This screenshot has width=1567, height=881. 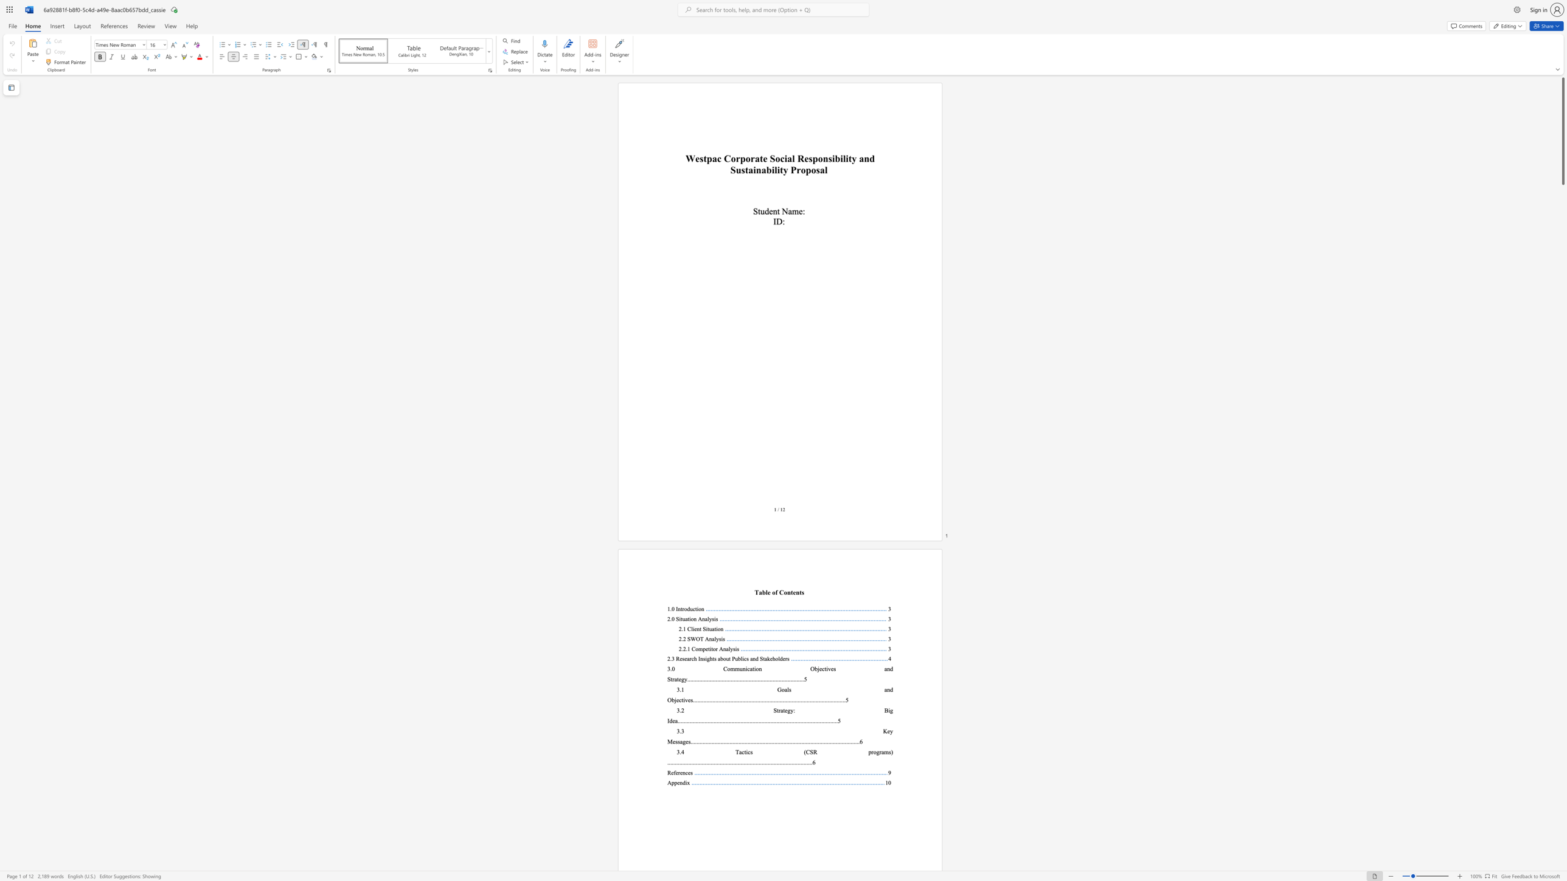 What do you see at coordinates (745, 751) in the screenshot?
I see `the 1th character "t" in the text` at bounding box center [745, 751].